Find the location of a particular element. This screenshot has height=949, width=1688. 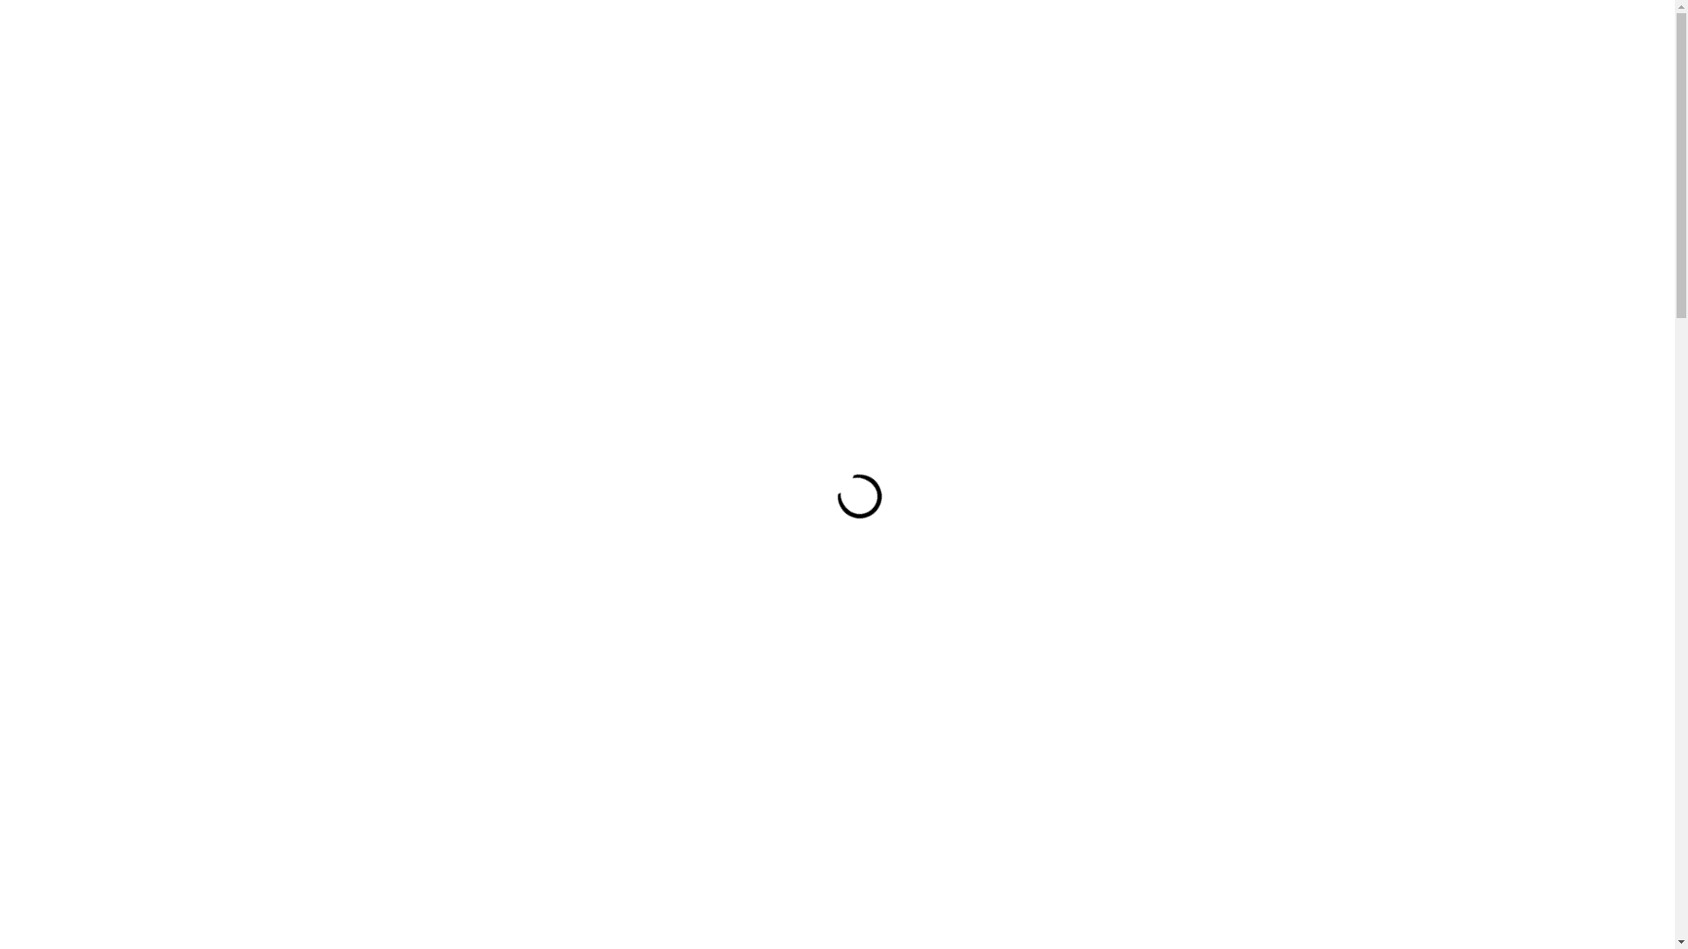

'Casa Verde' is located at coordinates (1253, 58).